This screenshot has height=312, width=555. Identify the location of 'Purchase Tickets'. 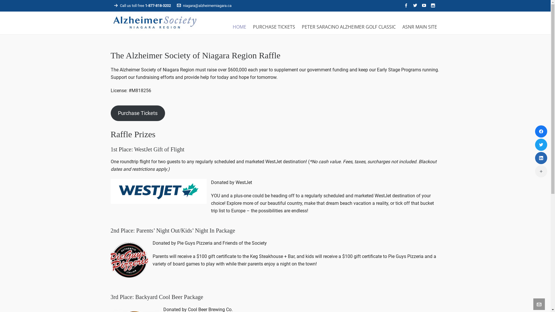
(137, 113).